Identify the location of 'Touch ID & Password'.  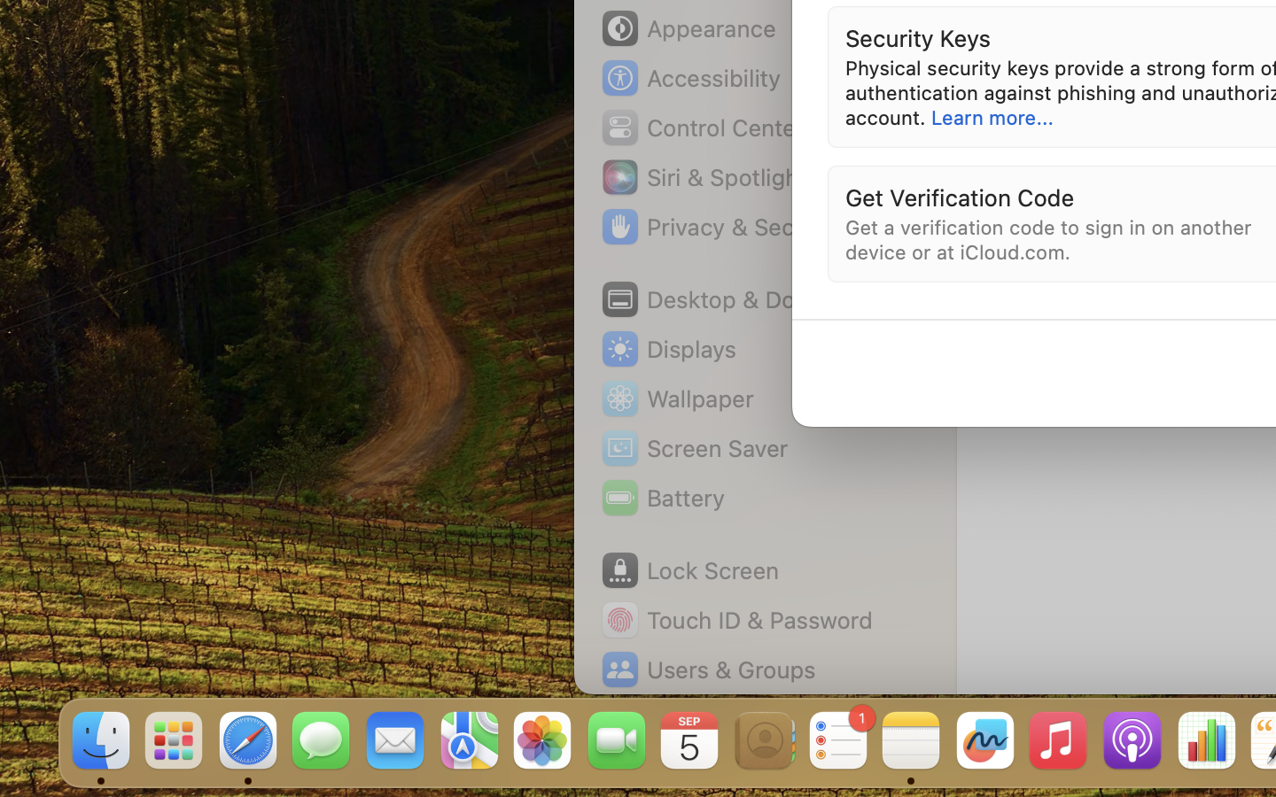
(736, 619).